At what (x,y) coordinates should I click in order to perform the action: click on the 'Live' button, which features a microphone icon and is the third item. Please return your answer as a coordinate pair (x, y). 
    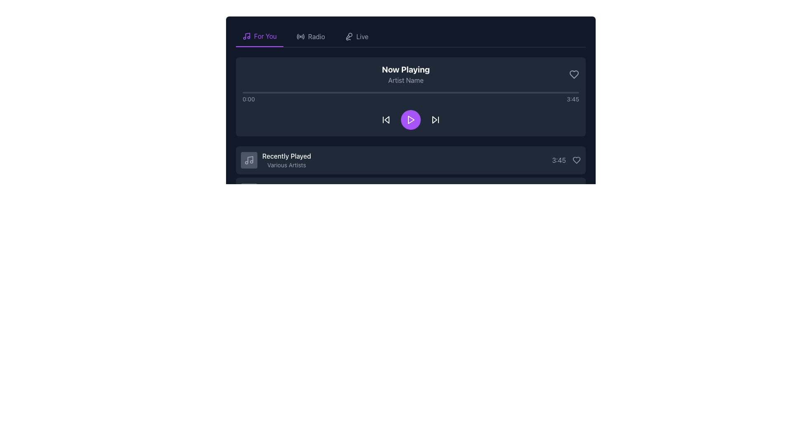
    Looking at the image, I should click on (356, 36).